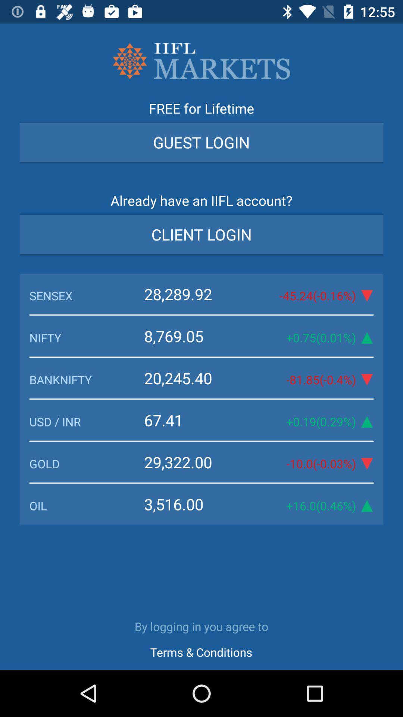  I want to click on icon below the 67.41 icon, so click(86, 463).